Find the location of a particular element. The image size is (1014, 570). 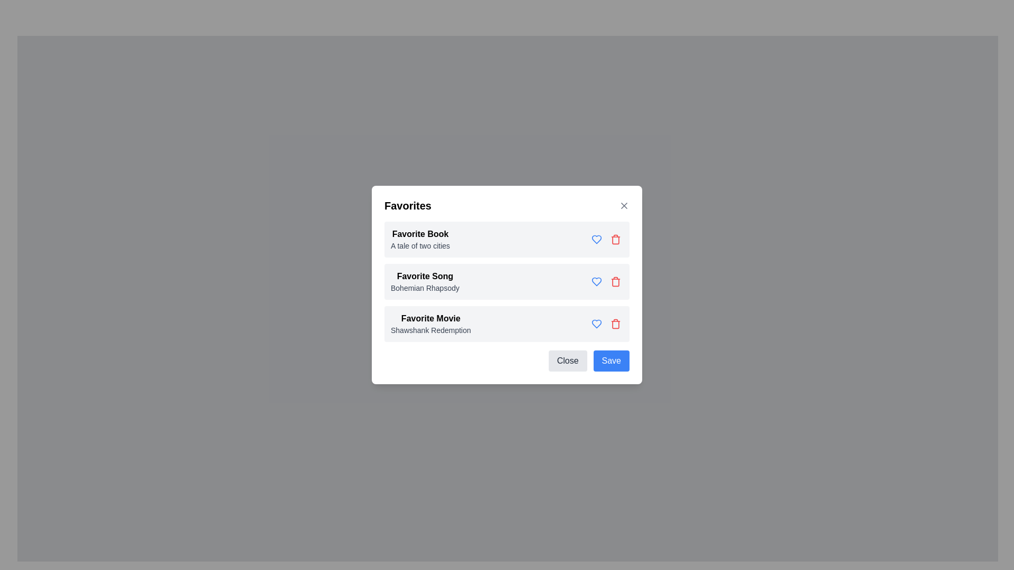

text content of the text label displaying 'Shawshank Redemption', which is the third item in the list under the heading 'Favorite Movie' in the modal dialog is located at coordinates (430, 329).